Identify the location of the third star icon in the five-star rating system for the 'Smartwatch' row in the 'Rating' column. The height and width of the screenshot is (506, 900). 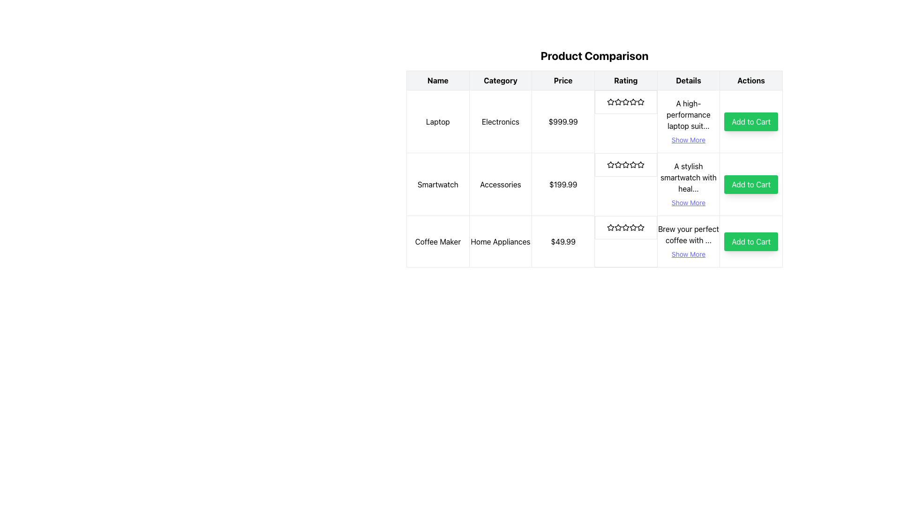
(618, 164).